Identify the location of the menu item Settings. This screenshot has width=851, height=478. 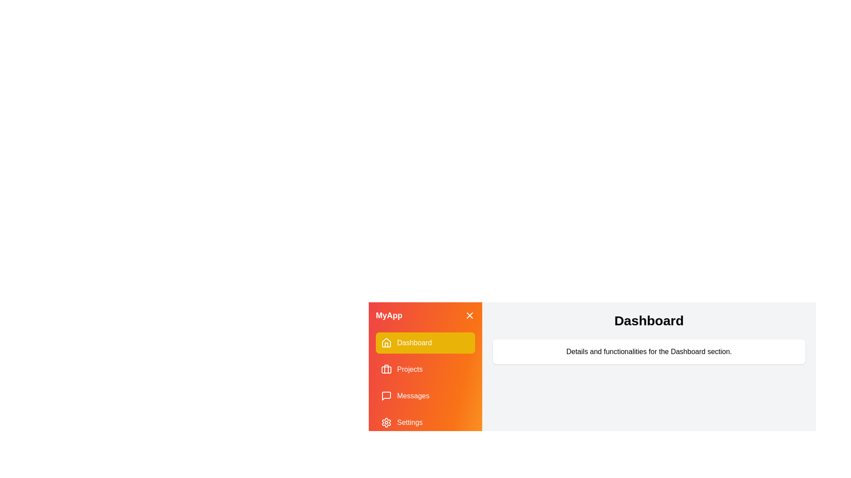
(425, 422).